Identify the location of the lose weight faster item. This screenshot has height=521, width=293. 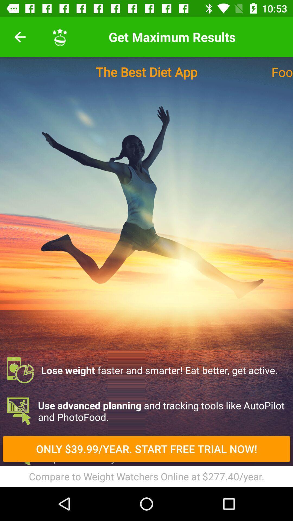
(146, 370).